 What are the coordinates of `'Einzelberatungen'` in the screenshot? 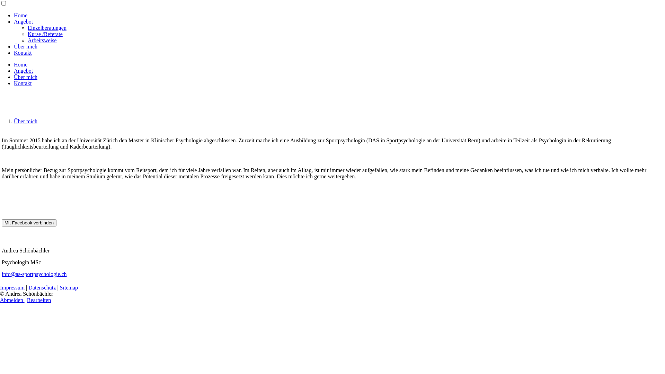 It's located at (46, 27).